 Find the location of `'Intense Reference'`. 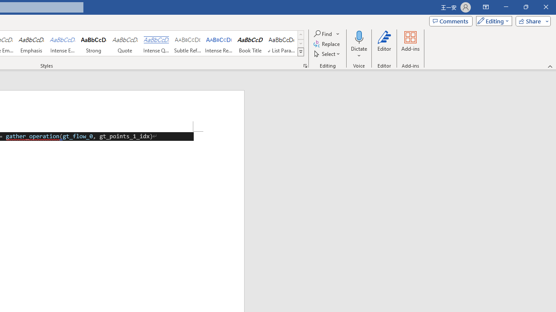

'Intense Reference' is located at coordinates (219, 43).